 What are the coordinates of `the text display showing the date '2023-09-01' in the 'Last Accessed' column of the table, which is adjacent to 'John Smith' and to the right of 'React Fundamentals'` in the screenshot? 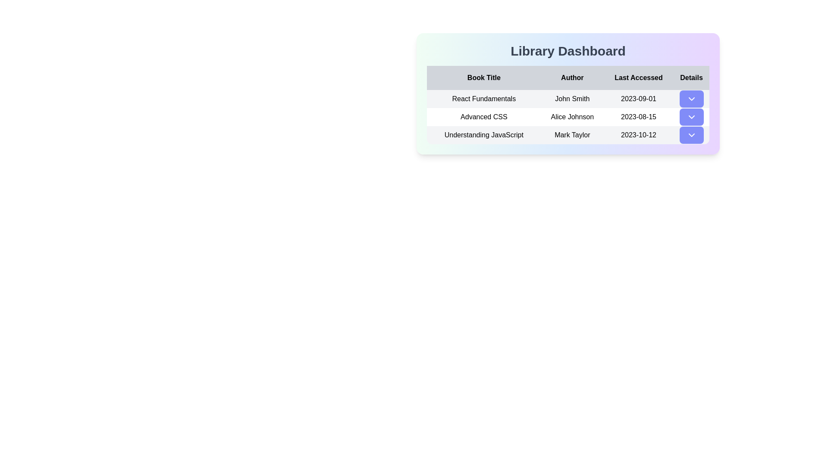 It's located at (639, 99).